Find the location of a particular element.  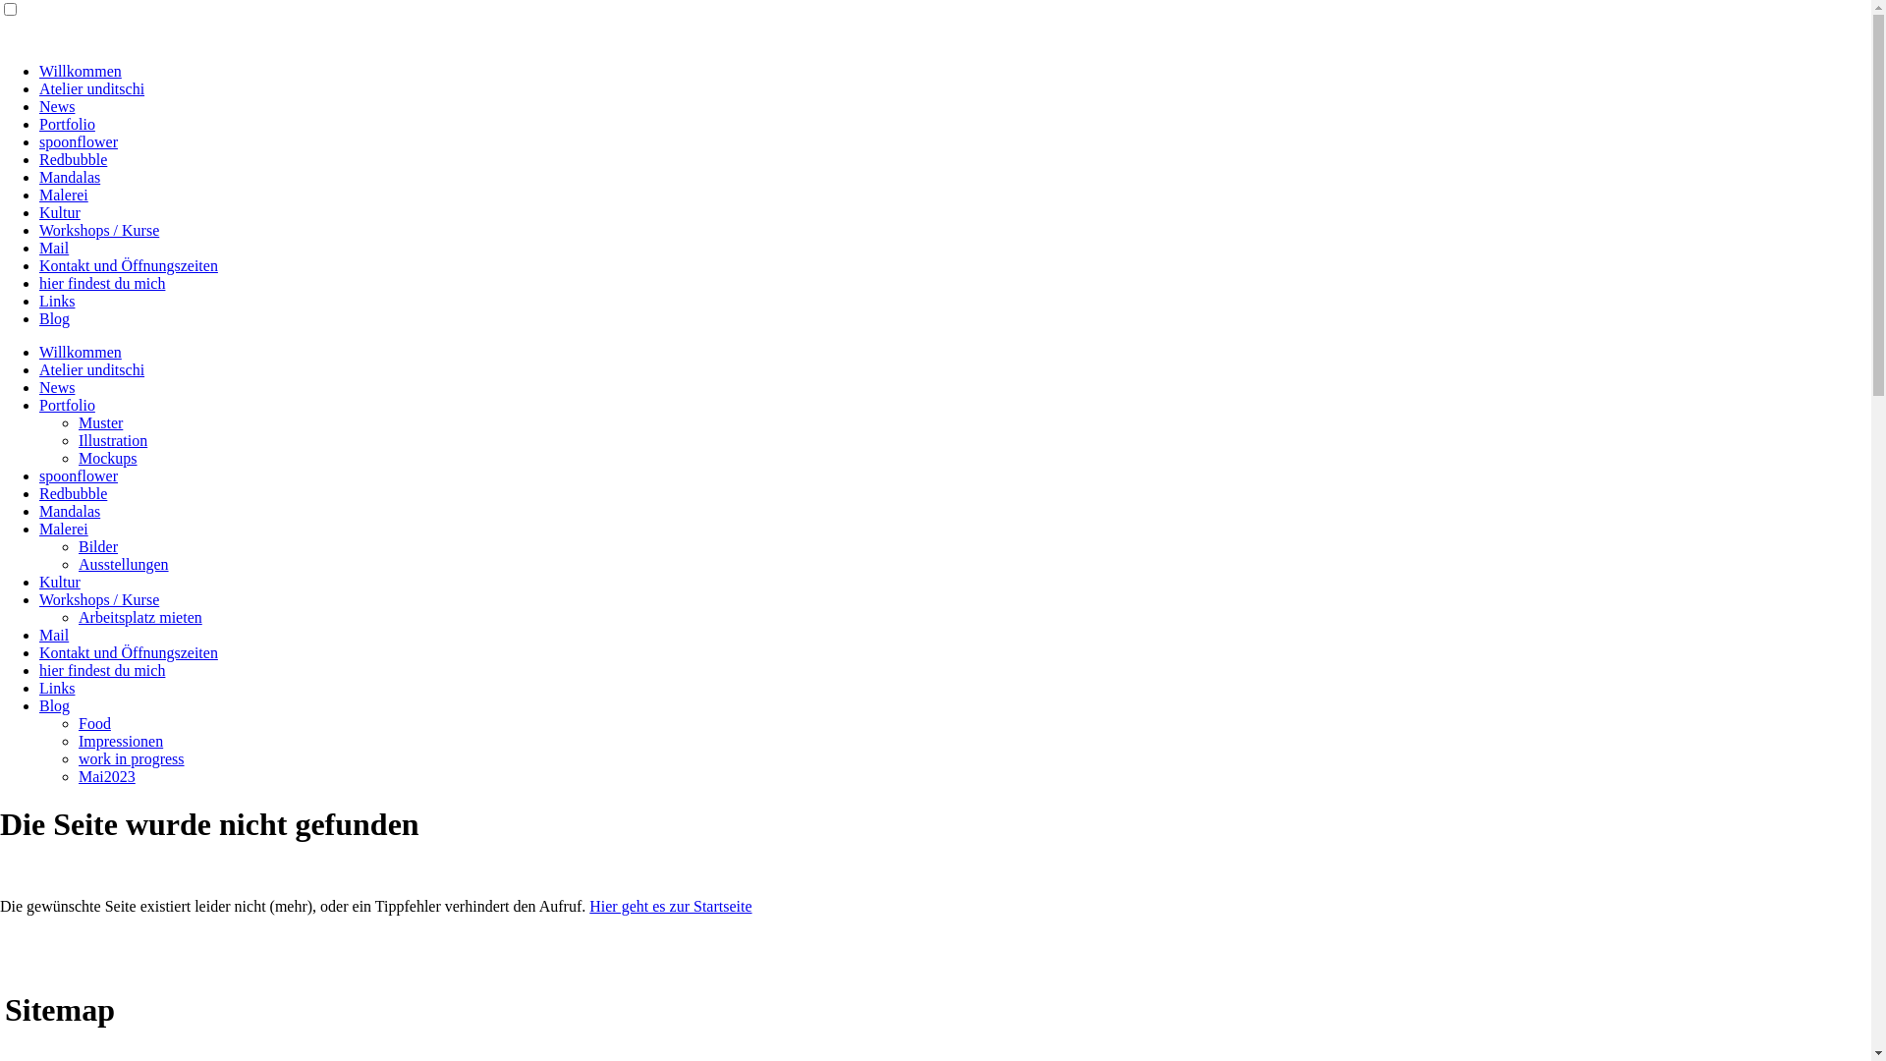

'Links' is located at coordinates (56, 687).